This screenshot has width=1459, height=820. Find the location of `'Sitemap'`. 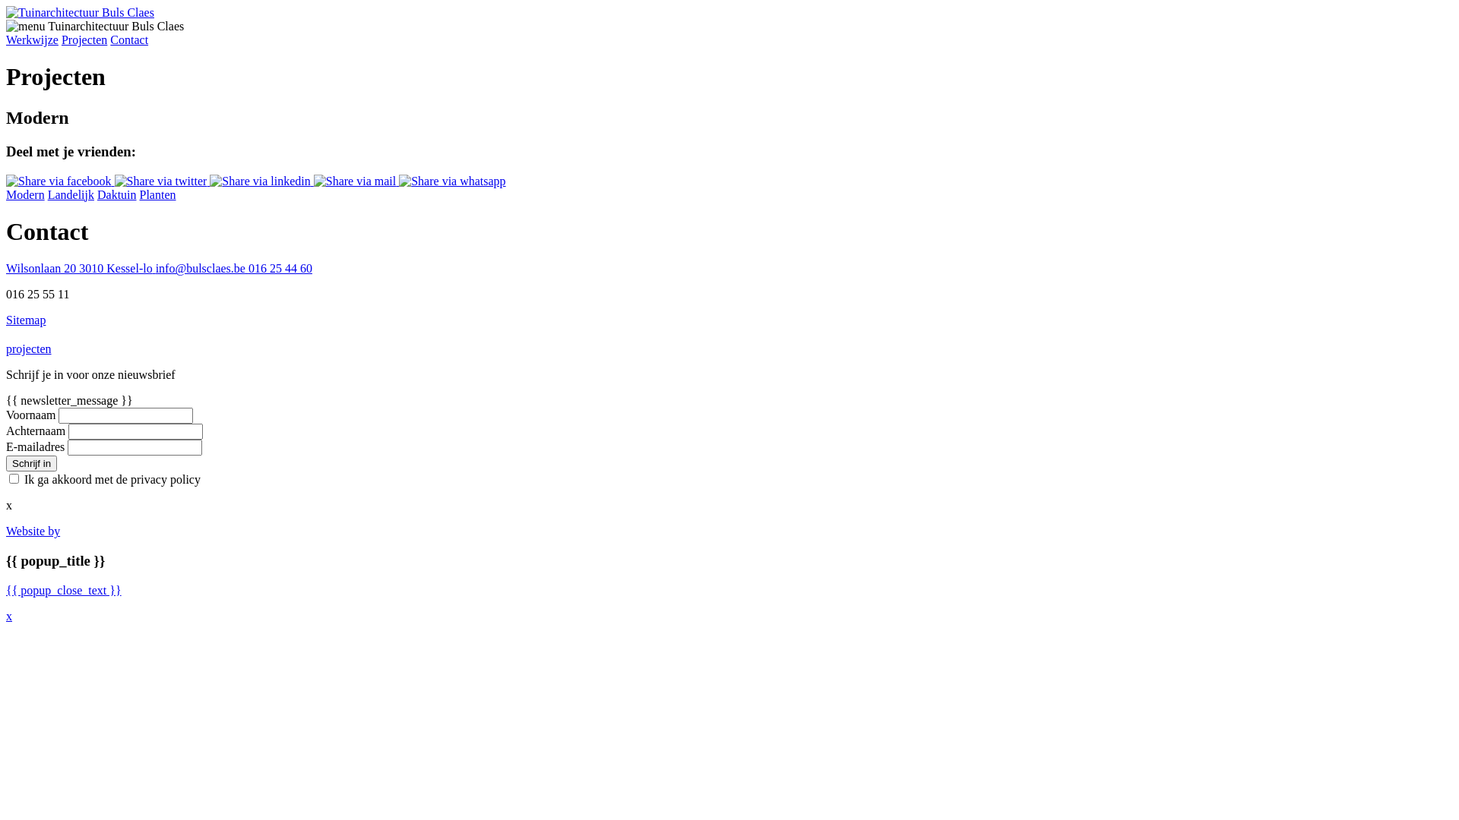

'Sitemap' is located at coordinates (25, 319).